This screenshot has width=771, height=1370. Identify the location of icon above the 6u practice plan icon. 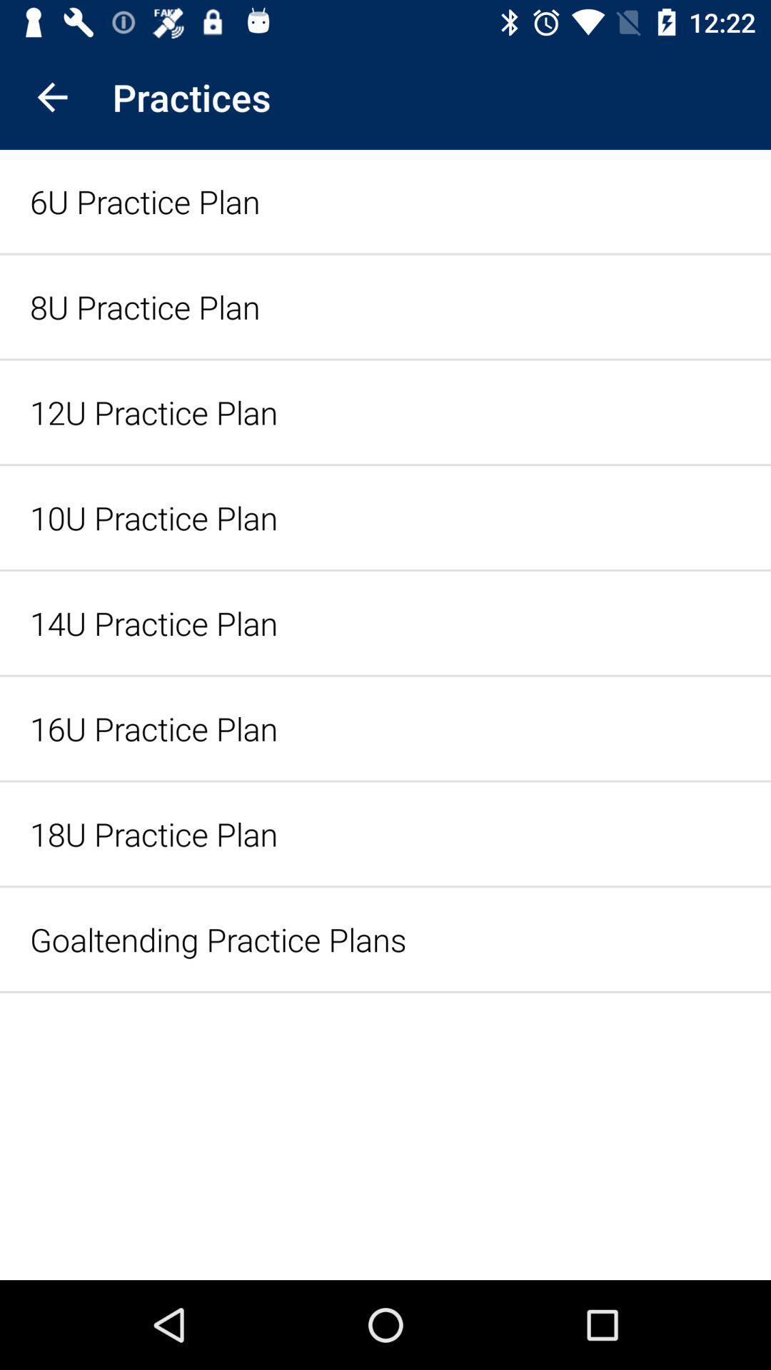
(51, 96).